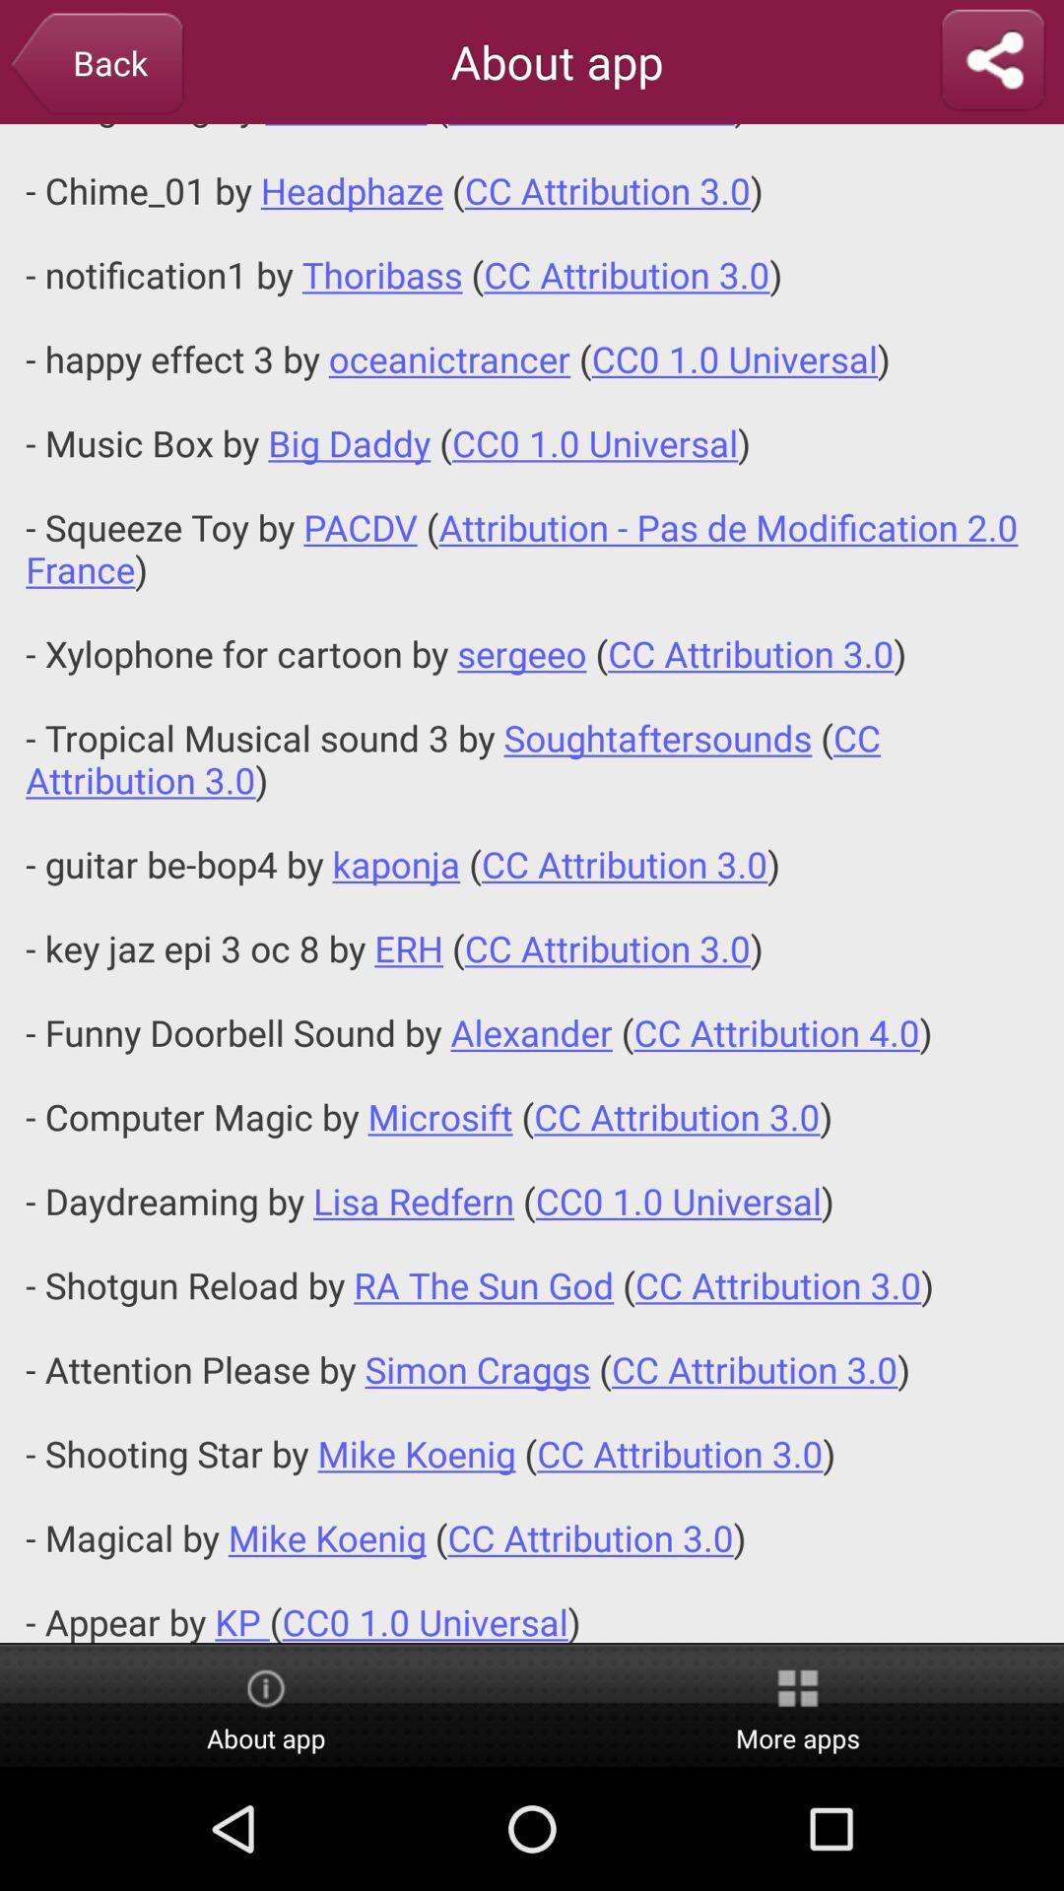 The width and height of the screenshot is (1064, 1891). What do you see at coordinates (798, 1706) in the screenshot?
I see `more apps item` at bounding box center [798, 1706].